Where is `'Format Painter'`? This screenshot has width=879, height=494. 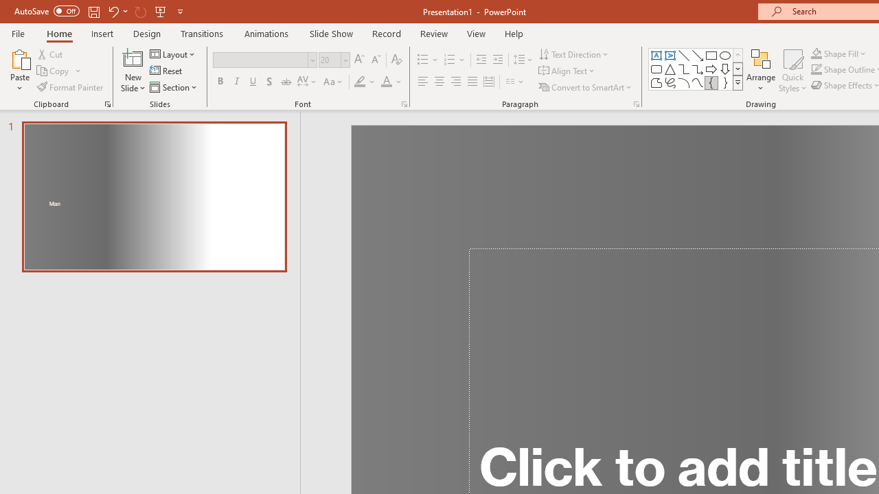 'Format Painter' is located at coordinates (70, 87).